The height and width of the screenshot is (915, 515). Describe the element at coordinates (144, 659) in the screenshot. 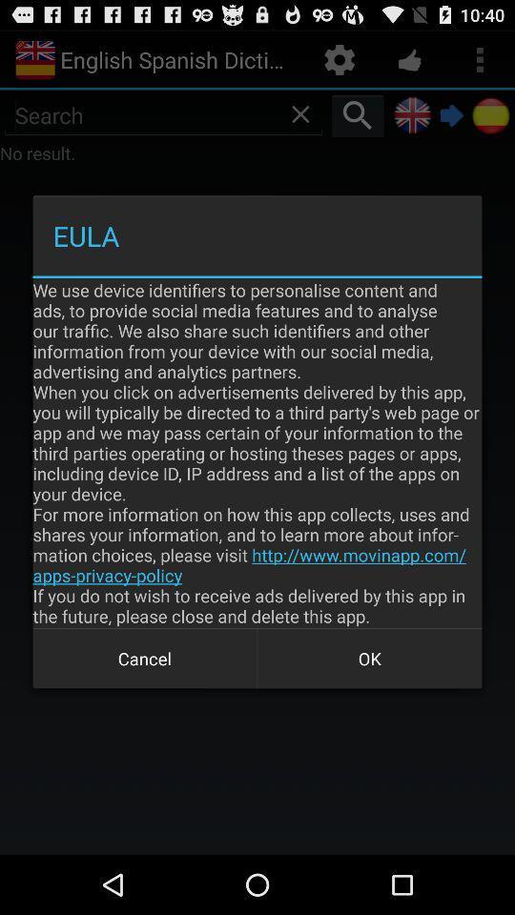

I see `icon at the bottom left corner` at that location.